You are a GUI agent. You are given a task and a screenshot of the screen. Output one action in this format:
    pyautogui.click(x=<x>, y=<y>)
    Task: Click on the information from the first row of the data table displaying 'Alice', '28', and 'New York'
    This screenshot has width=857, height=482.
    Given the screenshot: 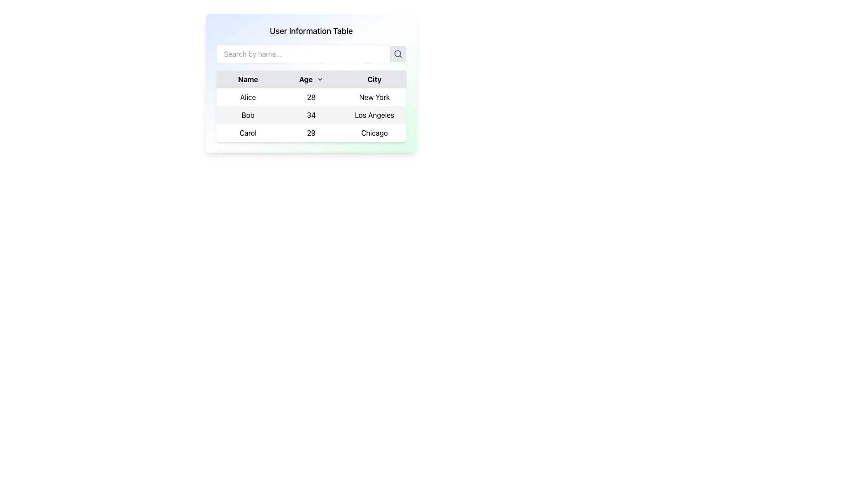 What is the action you would take?
    pyautogui.click(x=311, y=97)
    